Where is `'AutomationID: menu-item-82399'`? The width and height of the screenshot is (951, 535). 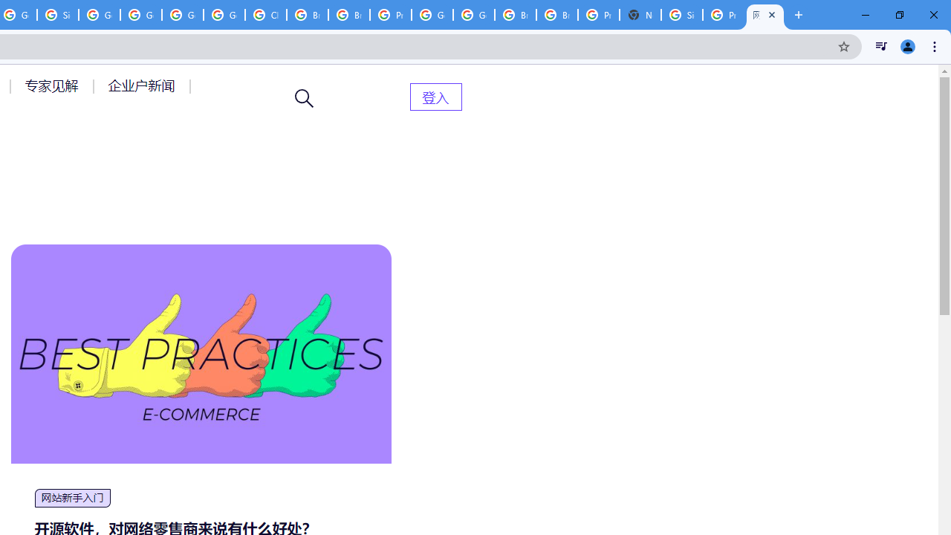 'AutomationID: menu-item-82399' is located at coordinates (435, 96).